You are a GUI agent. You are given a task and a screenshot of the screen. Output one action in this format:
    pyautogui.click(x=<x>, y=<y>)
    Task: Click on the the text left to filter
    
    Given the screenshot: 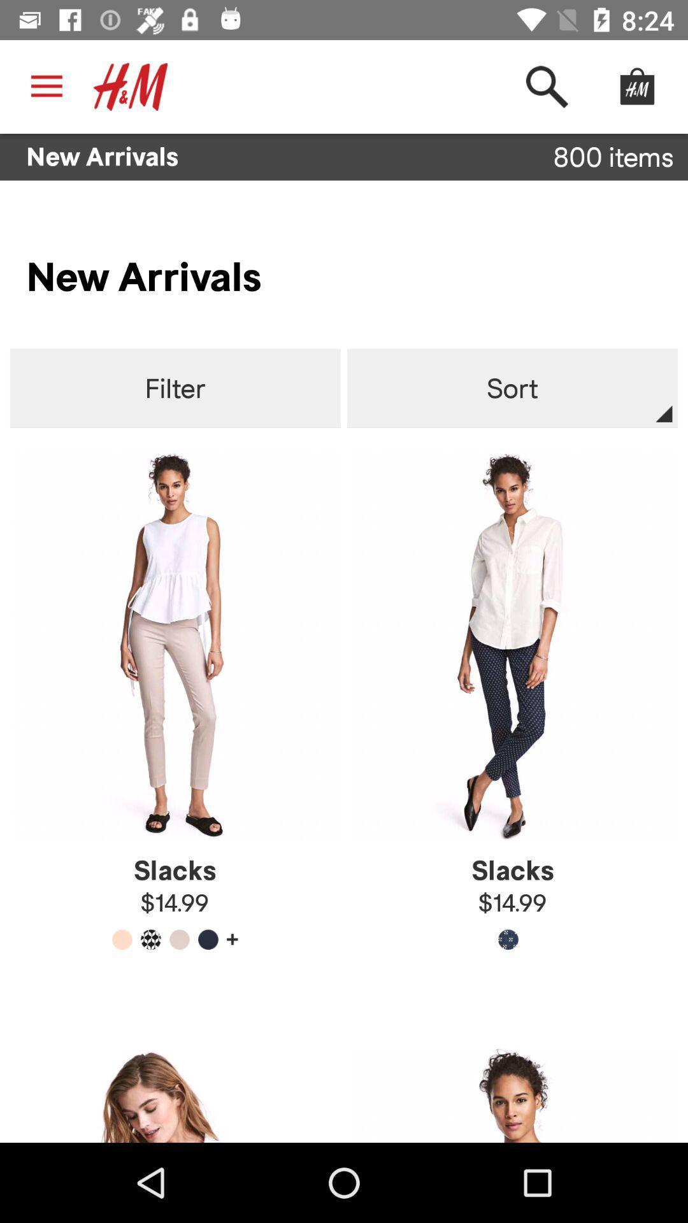 What is the action you would take?
    pyautogui.click(x=175, y=388)
    